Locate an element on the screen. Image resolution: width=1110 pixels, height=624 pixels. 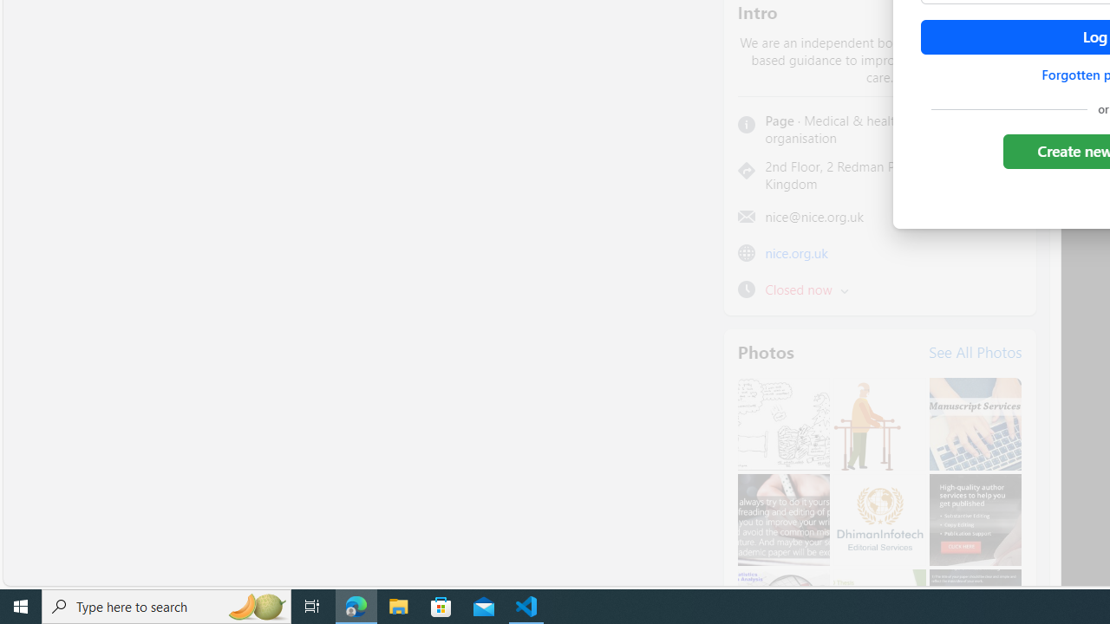
'Start' is located at coordinates (21, 605).